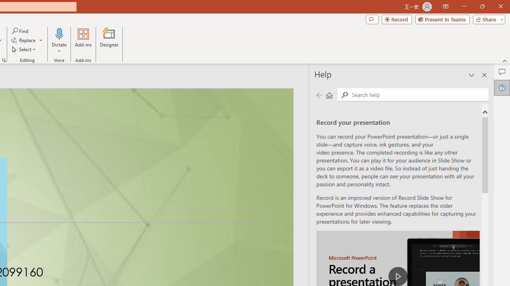 This screenshot has height=286, width=510. Describe the element at coordinates (24, 40) in the screenshot. I see `'Replace...'` at that location.